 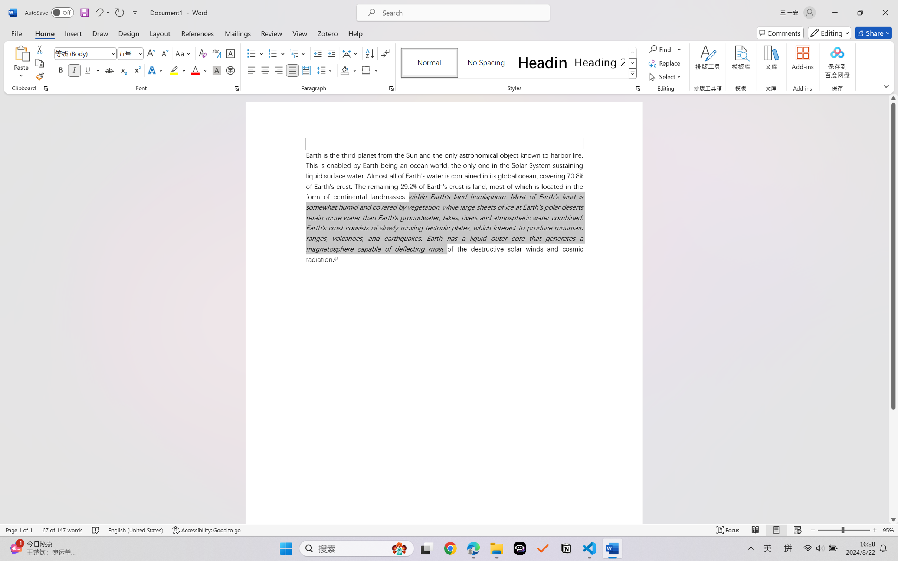 I want to click on 'Repeat Doc Close', so click(x=119, y=12).